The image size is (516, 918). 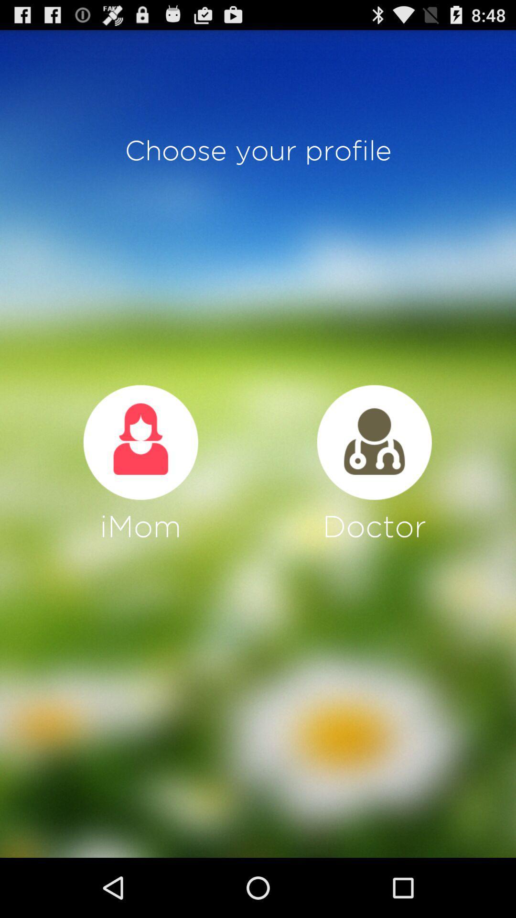 I want to click on doctor, so click(x=374, y=442).